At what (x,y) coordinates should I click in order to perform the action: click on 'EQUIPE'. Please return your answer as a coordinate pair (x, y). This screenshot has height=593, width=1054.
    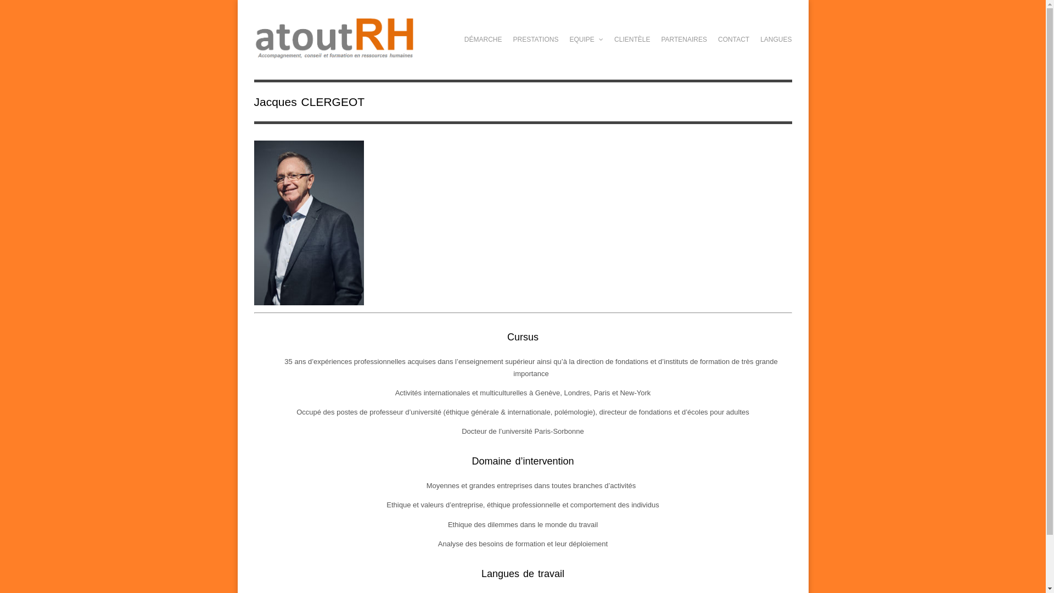
    Looking at the image, I should click on (586, 39).